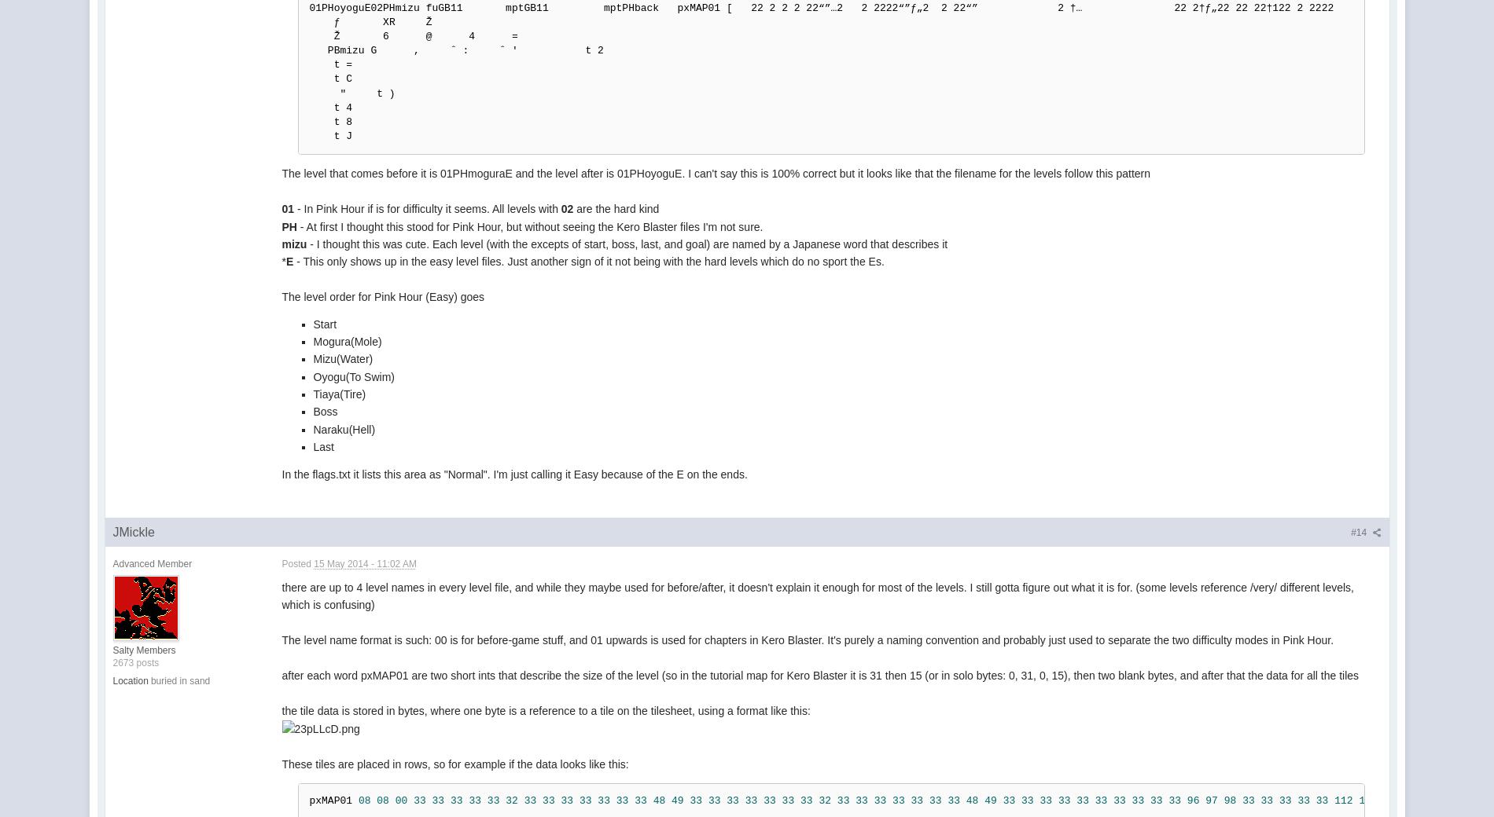 The image size is (1494, 817). I want to click on 'after each word pxMAP01 are two short ints that describe the size of the level (so in the tutorial map for Kero Blaster it is 31 then 15 (or in solo bytes: 0, 31, 0, 15), then two blank bytes, and after that the data for all the tiles', so click(819, 674).